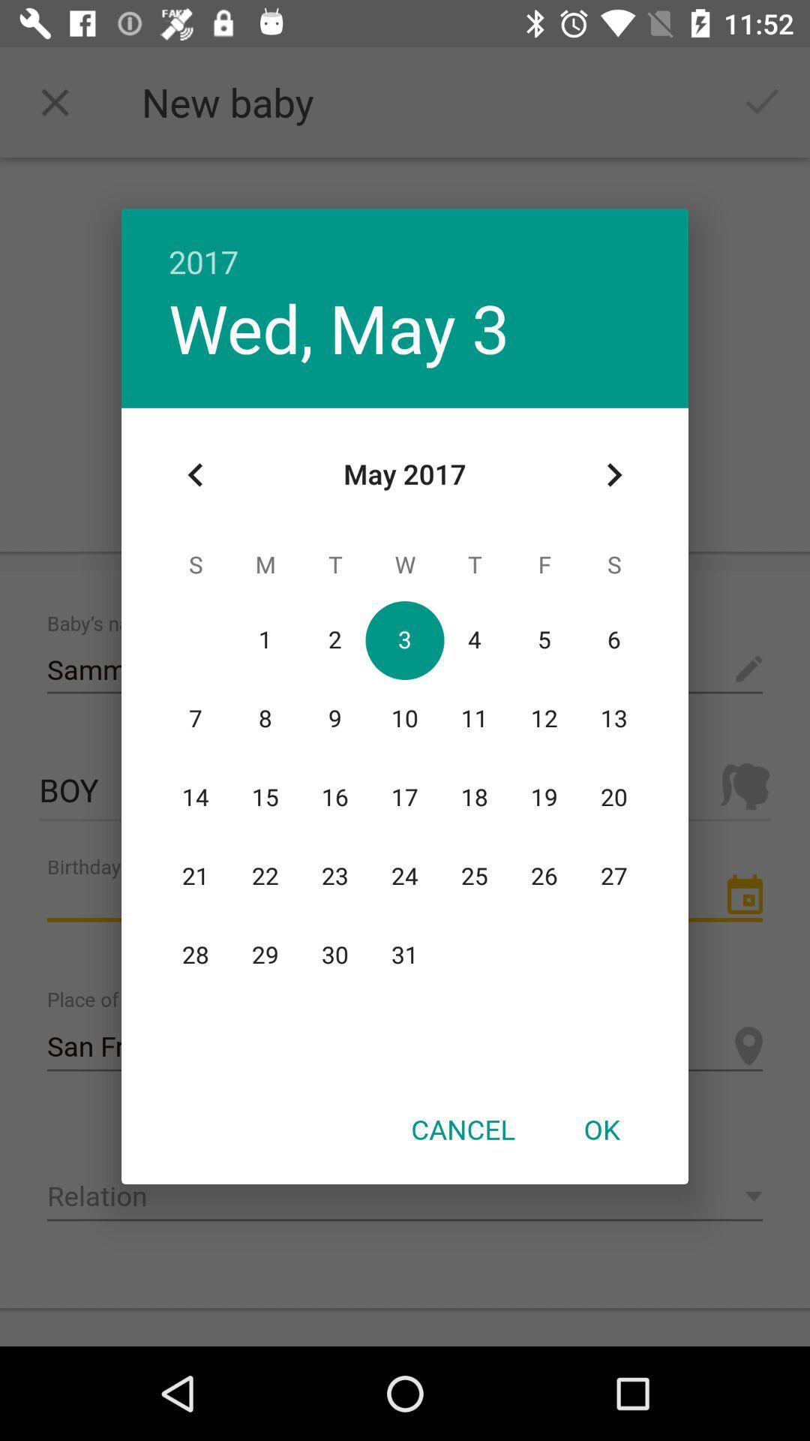 This screenshot has width=810, height=1441. Describe the element at coordinates (462, 1129) in the screenshot. I see `the item next to ok icon` at that location.